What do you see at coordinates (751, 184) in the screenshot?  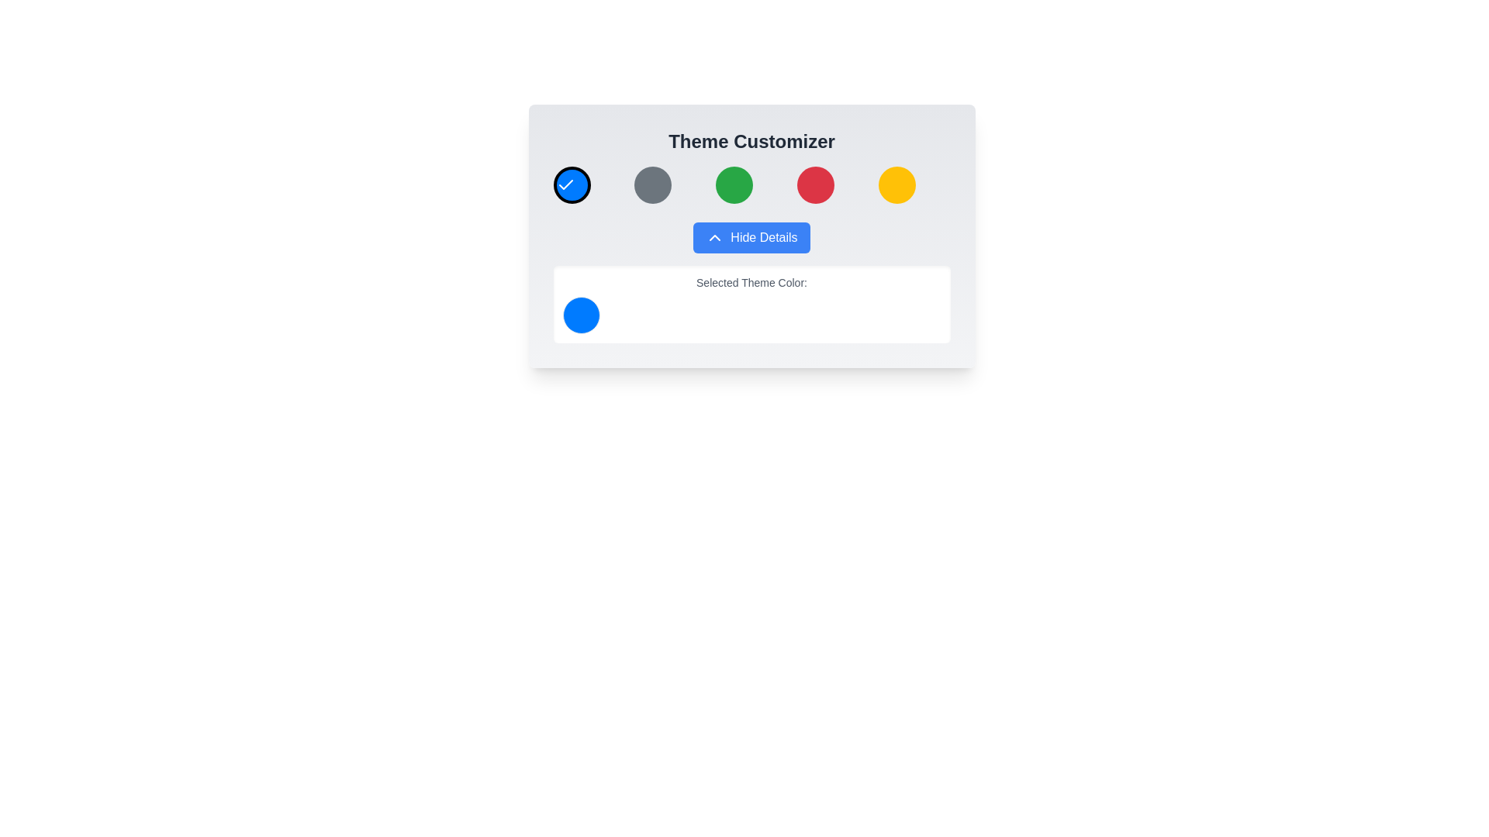 I see `the third circular button in the 'Theme Customizer' section` at bounding box center [751, 184].